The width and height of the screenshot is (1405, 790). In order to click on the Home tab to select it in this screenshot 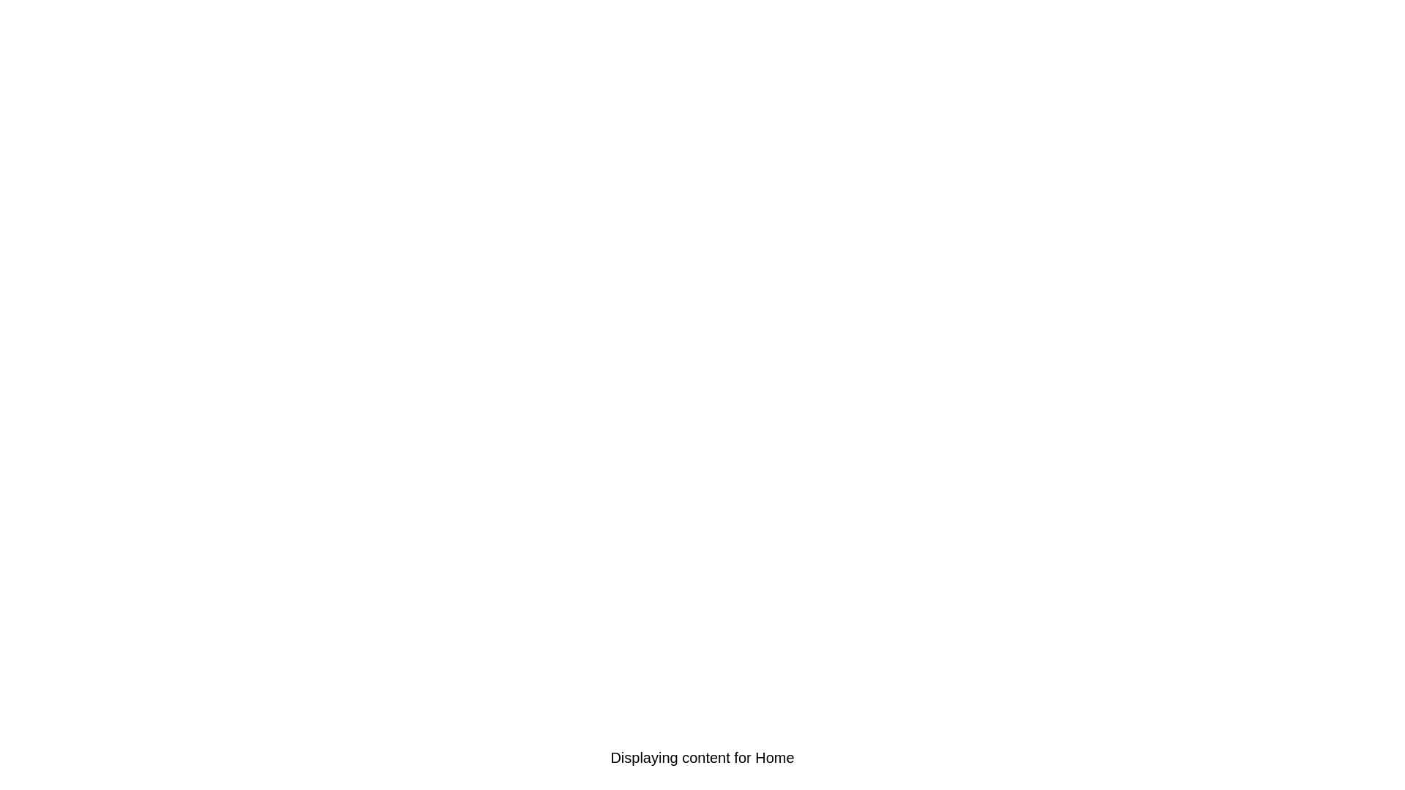, I will do `click(138, 757)`.